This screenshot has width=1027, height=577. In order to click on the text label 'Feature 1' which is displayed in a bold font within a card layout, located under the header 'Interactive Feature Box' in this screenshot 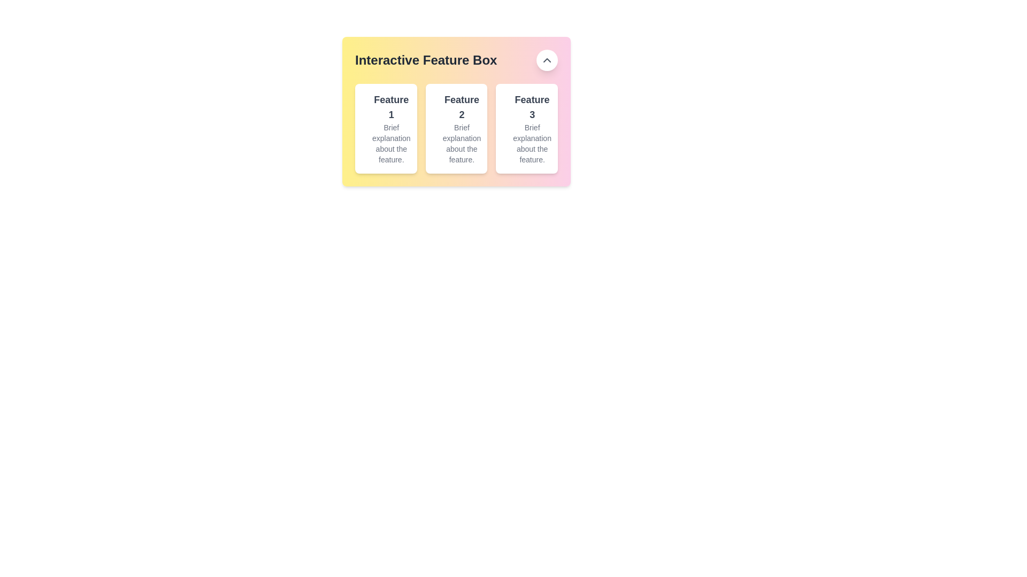, I will do `click(390, 107)`.